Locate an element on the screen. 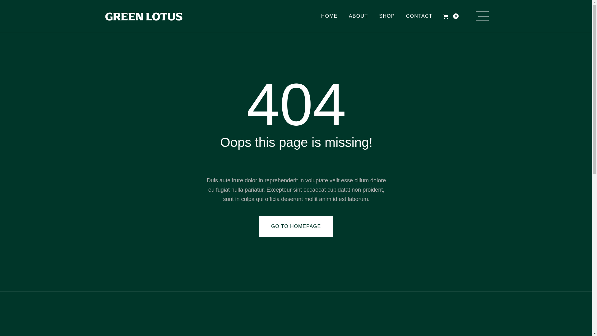 This screenshot has height=336, width=597. 'CONTACT' is located at coordinates (419, 16).